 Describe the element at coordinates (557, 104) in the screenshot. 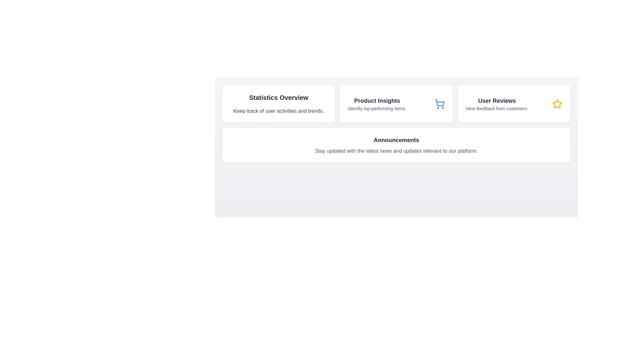

I see `the star icon located in the top-right corner of the 'User Reviews' section, adjacent to the text 'View feedback from customers', which signifies rating or quality assessment` at that location.